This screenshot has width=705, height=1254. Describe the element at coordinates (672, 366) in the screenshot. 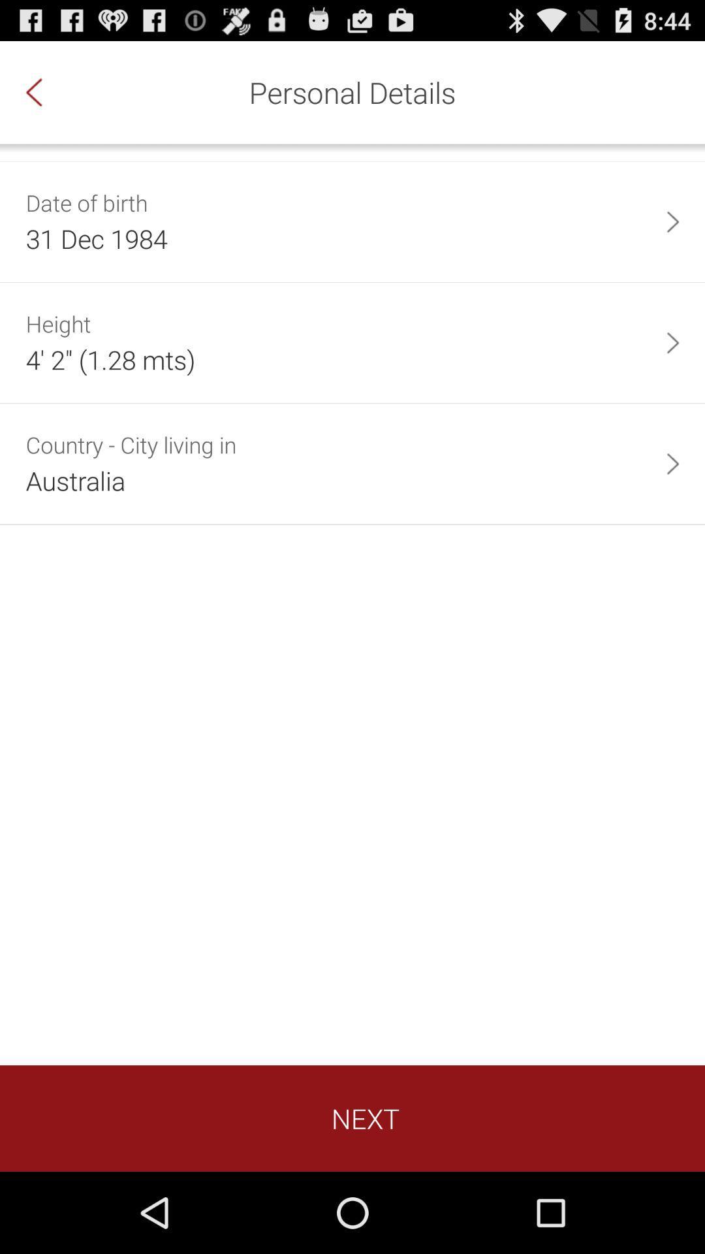

I see `the play icon` at that location.